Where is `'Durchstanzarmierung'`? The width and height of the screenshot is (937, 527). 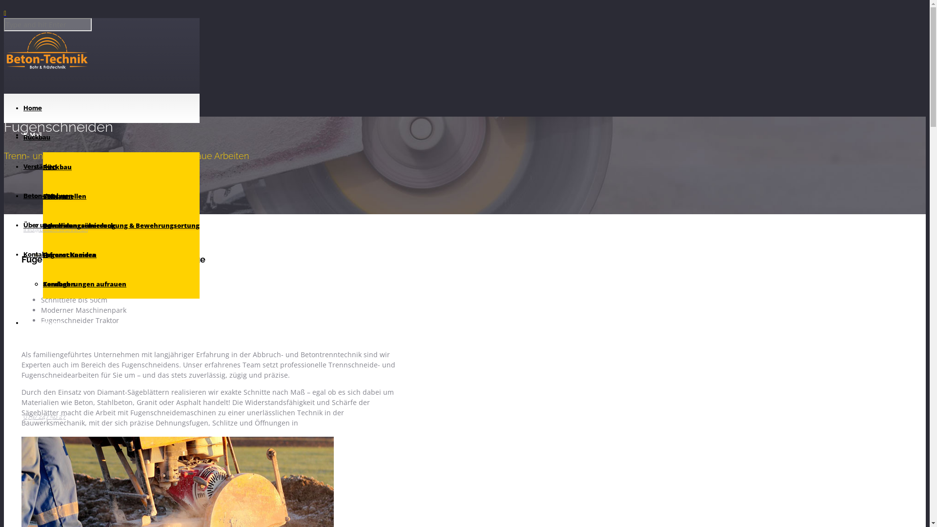 'Durchstanzarmierung' is located at coordinates (42, 225).